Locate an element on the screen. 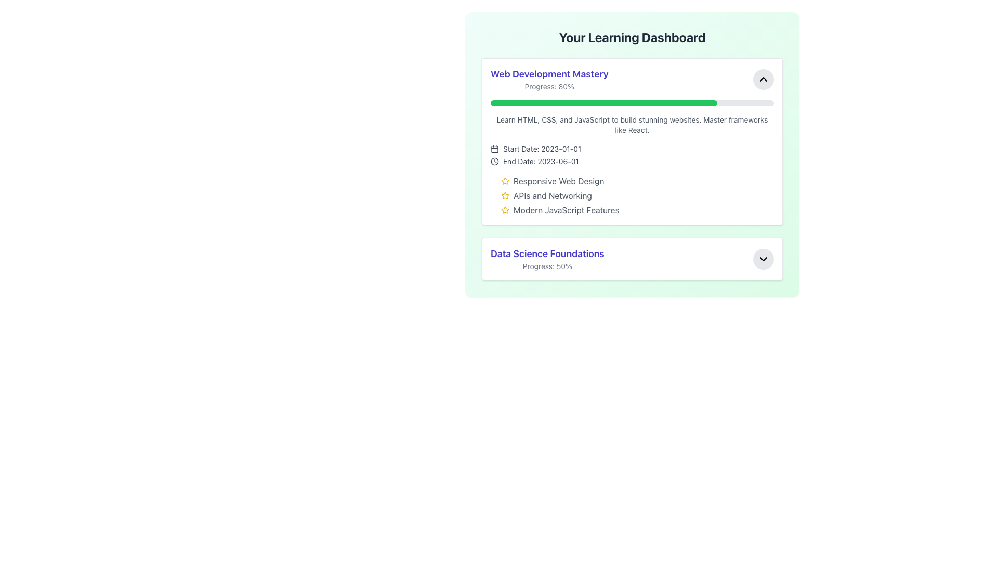 This screenshot has height=561, width=998. progress information displayed in the text label located below the heading 'Web Development Mastery', which represents the percentage of progress for the course is located at coordinates (549, 86).